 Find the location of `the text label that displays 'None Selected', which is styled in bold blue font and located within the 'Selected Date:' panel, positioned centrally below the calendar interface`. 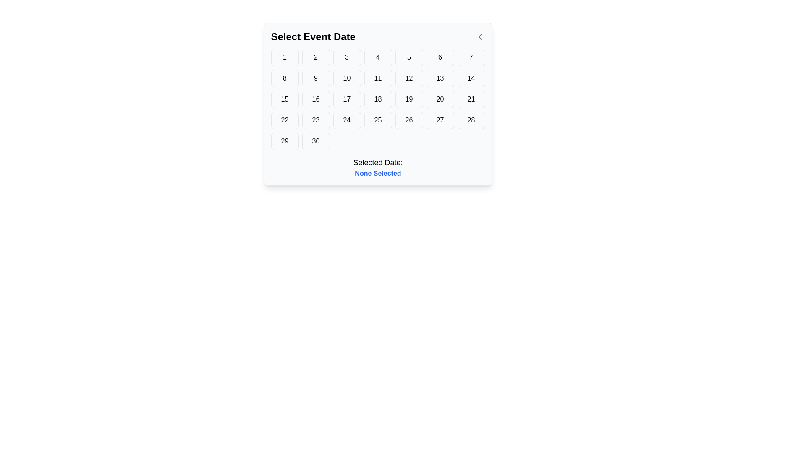

the text label that displays 'None Selected', which is styled in bold blue font and located within the 'Selected Date:' panel, positioned centrally below the calendar interface is located at coordinates (377, 173).